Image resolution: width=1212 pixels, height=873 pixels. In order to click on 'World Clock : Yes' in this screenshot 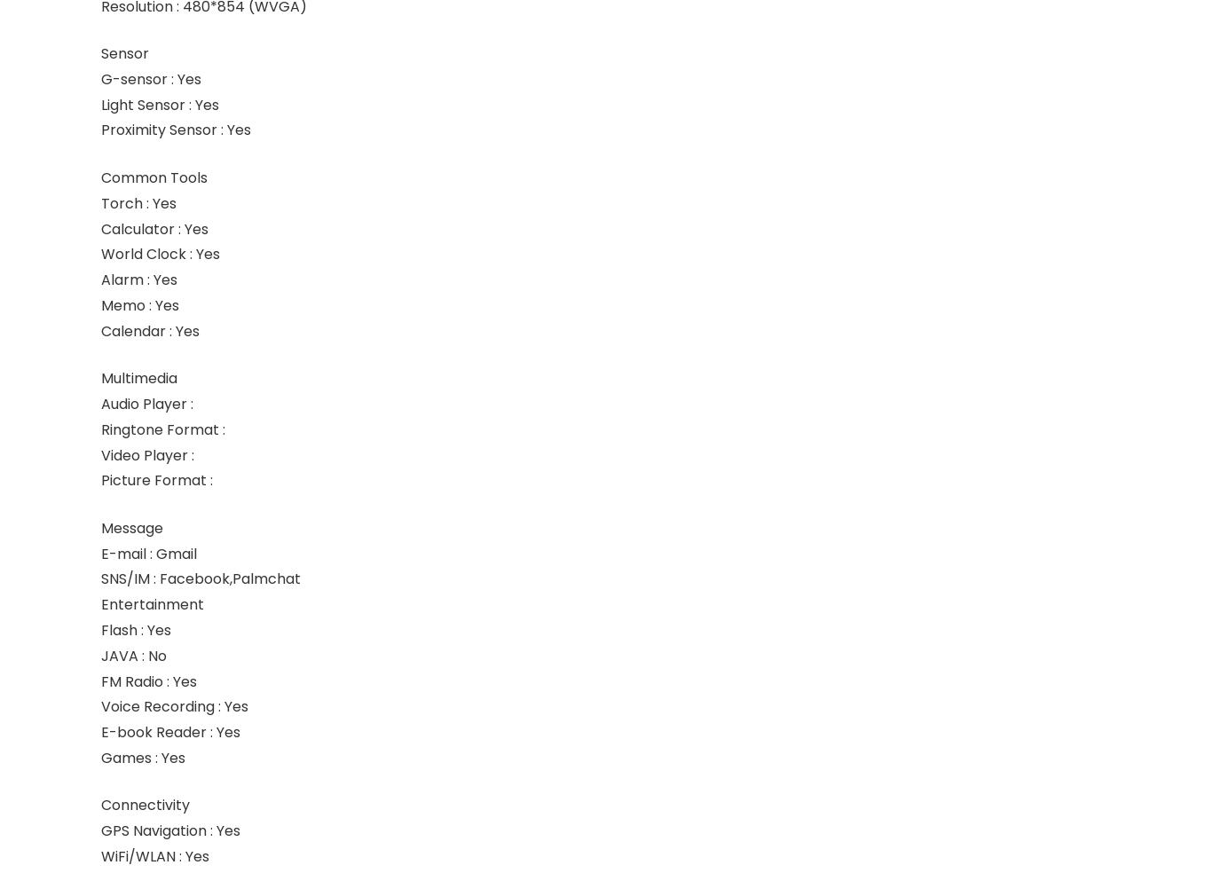, I will do `click(159, 253)`.